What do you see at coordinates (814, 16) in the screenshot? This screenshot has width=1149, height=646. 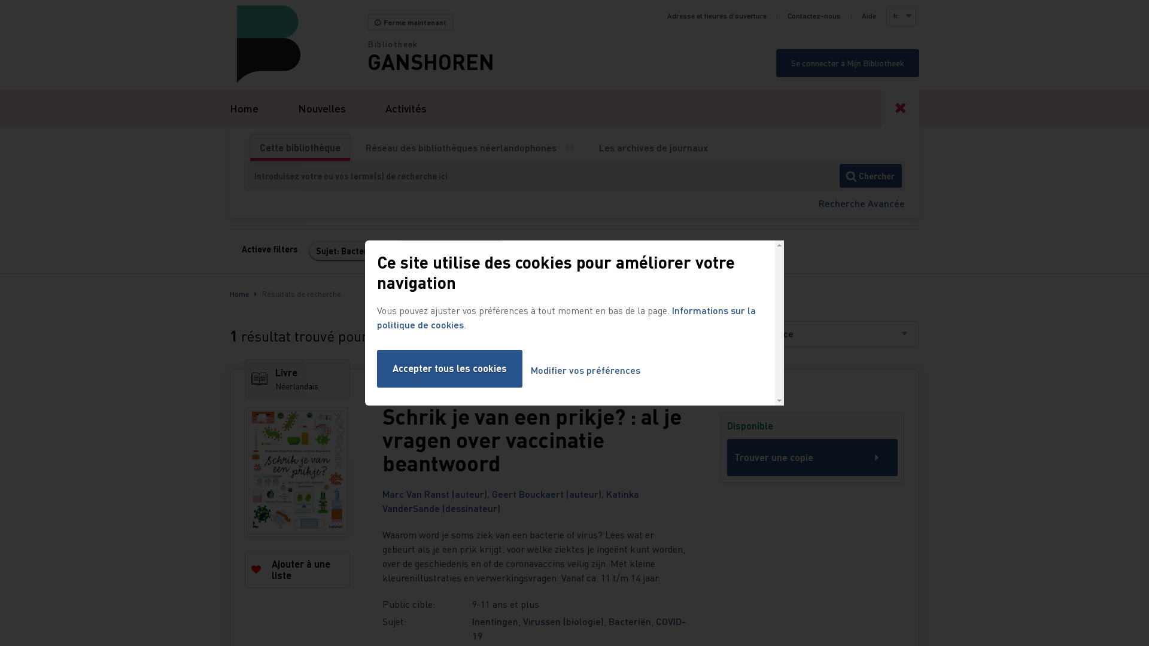 I see `'Contactez-nous'` at bounding box center [814, 16].